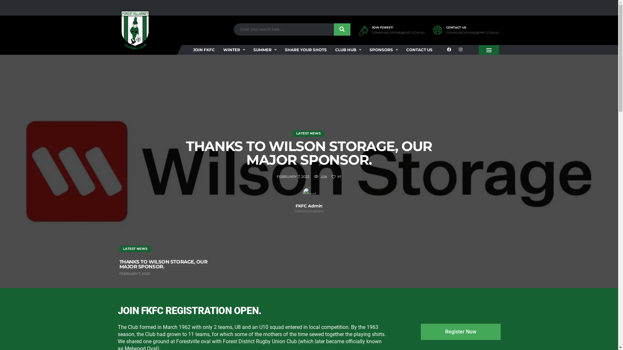  I want to click on 'JOIN FKFC', so click(203, 50).